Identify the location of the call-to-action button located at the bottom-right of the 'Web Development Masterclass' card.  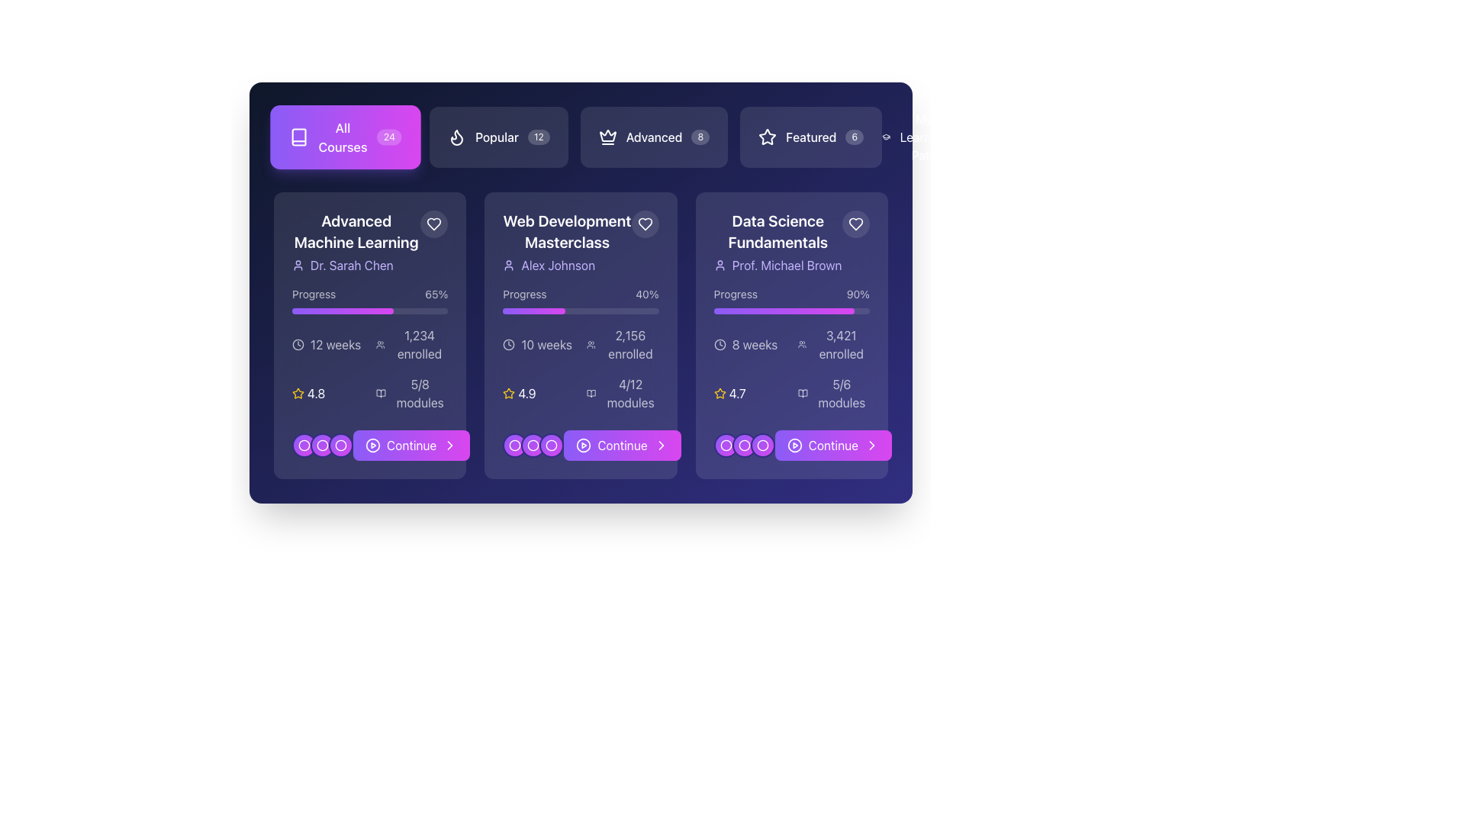
(580, 445).